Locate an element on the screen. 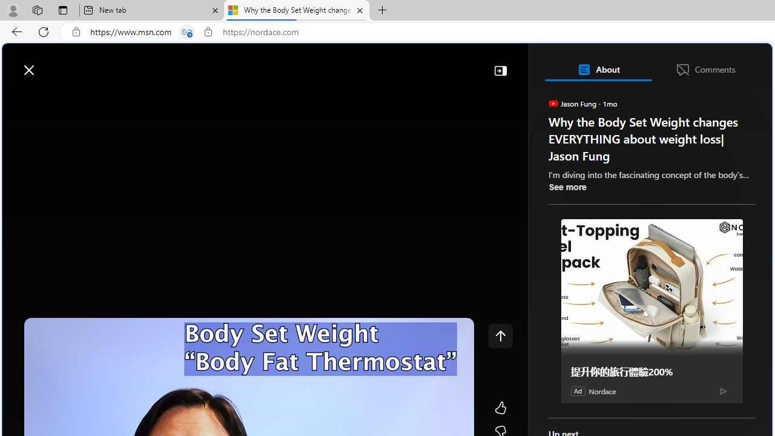 The width and height of the screenshot is (775, 436). 'Personal Profile' is located at coordinates (13, 10).